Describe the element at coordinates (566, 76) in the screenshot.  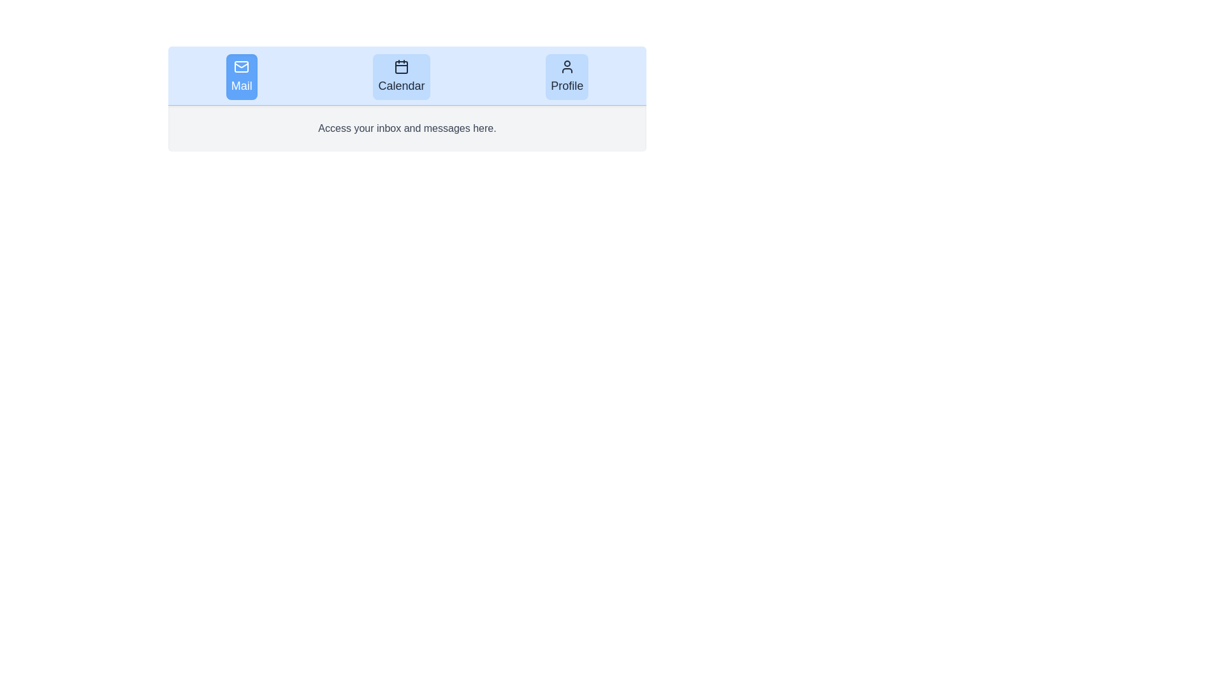
I see `the tab labeled Profile to observe visual changes` at that location.